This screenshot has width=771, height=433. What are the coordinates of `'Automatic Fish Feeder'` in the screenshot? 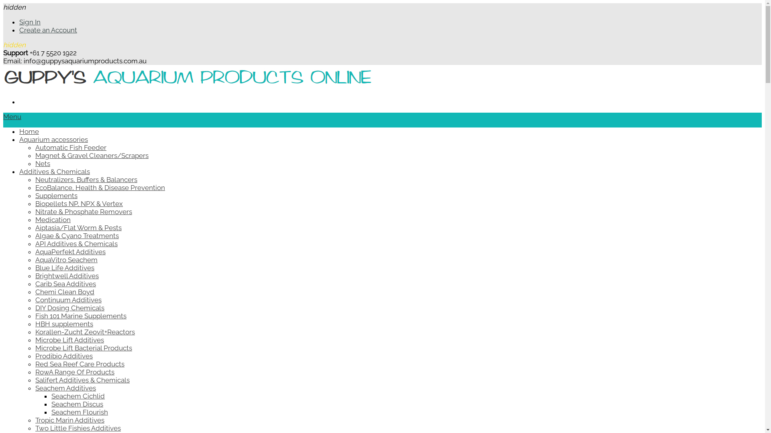 It's located at (71, 147).